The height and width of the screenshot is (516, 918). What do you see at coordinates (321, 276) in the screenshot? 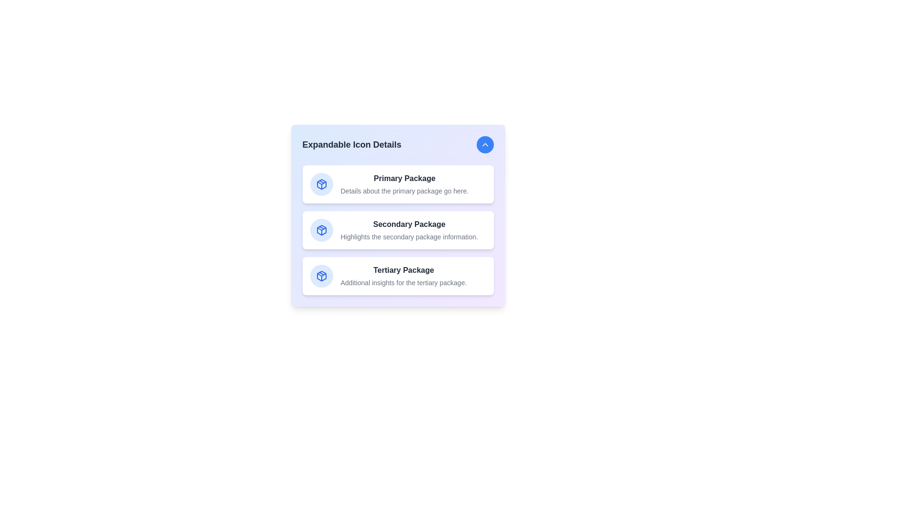
I see `the circular icon button with a light blue background and a package box icon in darker blue, located to the left of the 'Tertiary Package' text block` at bounding box center [321, 276].